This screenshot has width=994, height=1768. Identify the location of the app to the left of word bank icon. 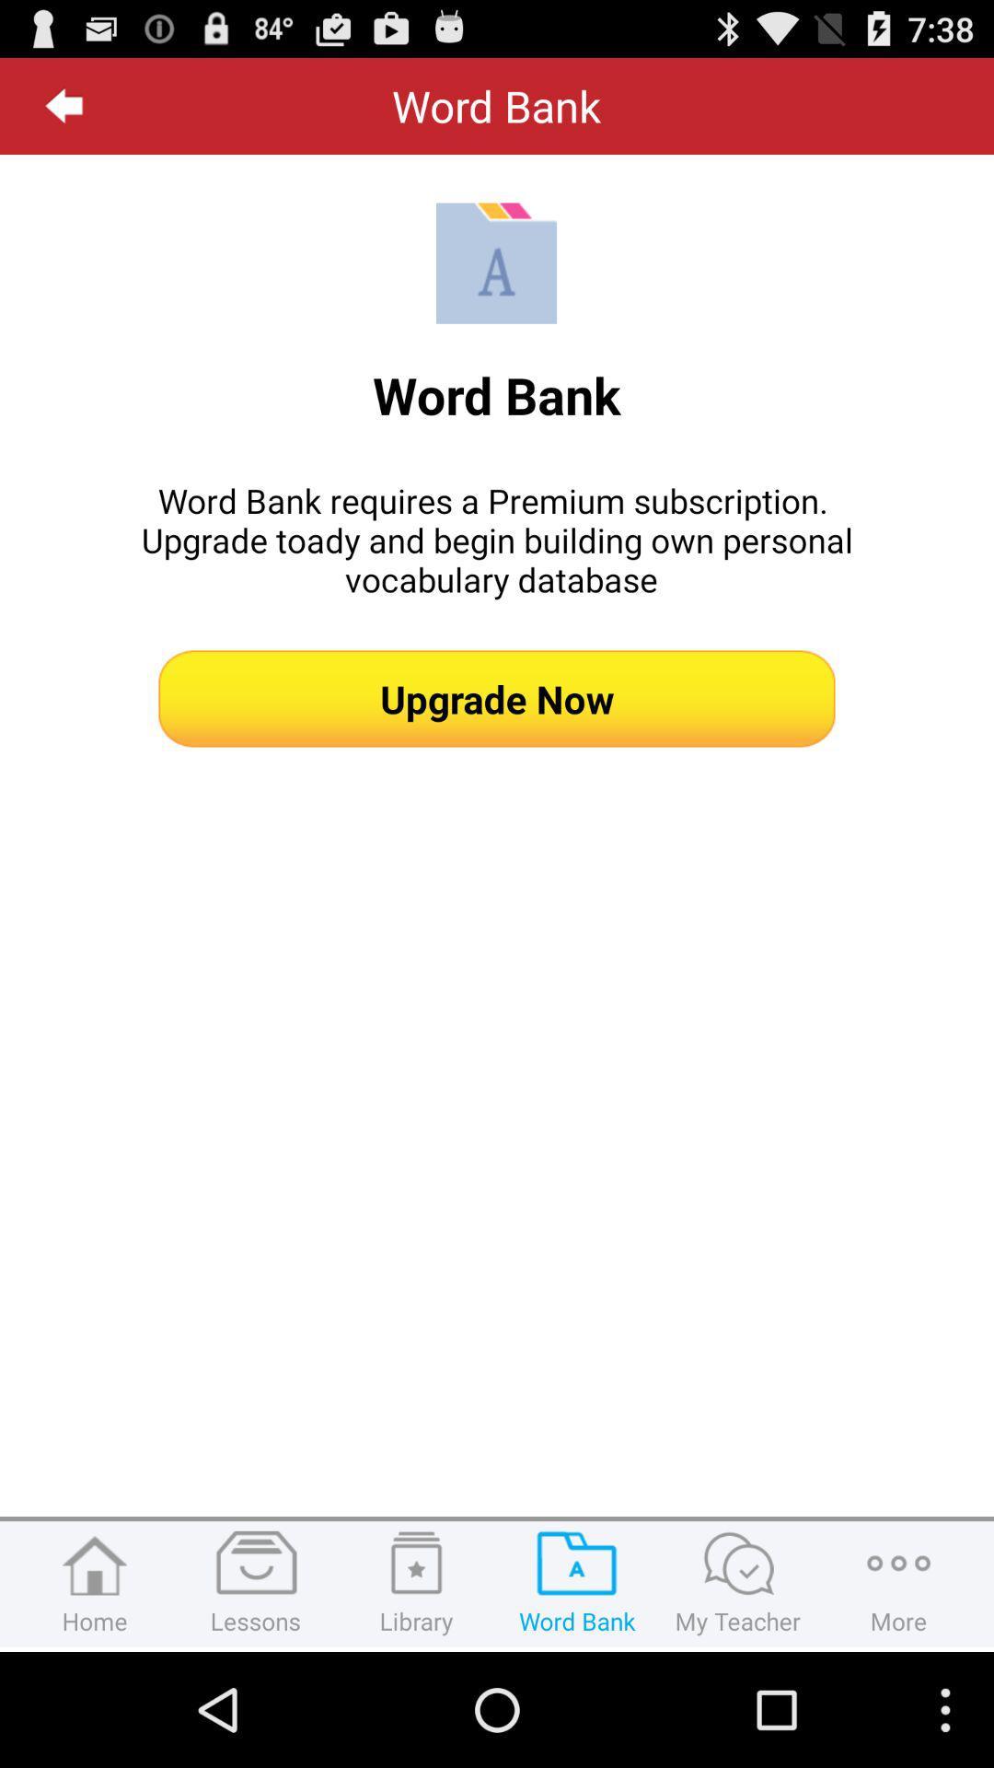
(64, 105).